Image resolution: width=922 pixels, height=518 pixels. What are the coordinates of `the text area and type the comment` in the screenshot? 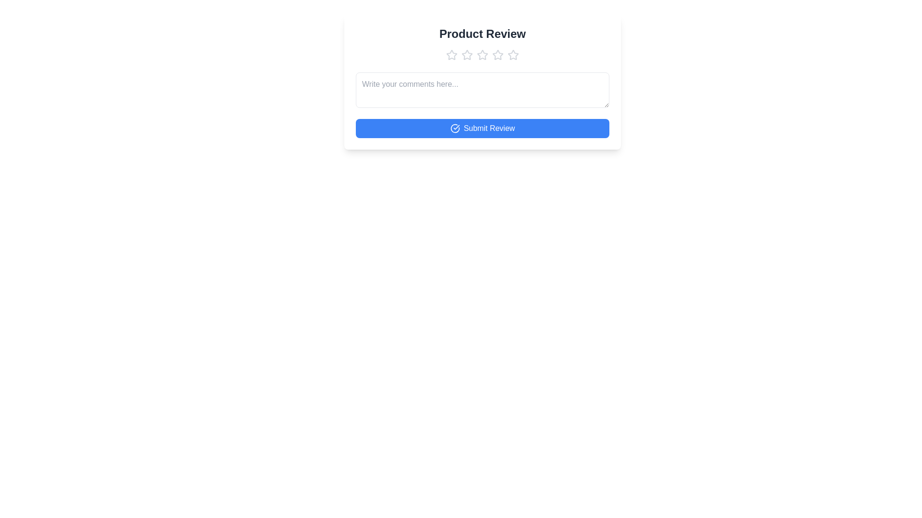 It's located at (482, 90).